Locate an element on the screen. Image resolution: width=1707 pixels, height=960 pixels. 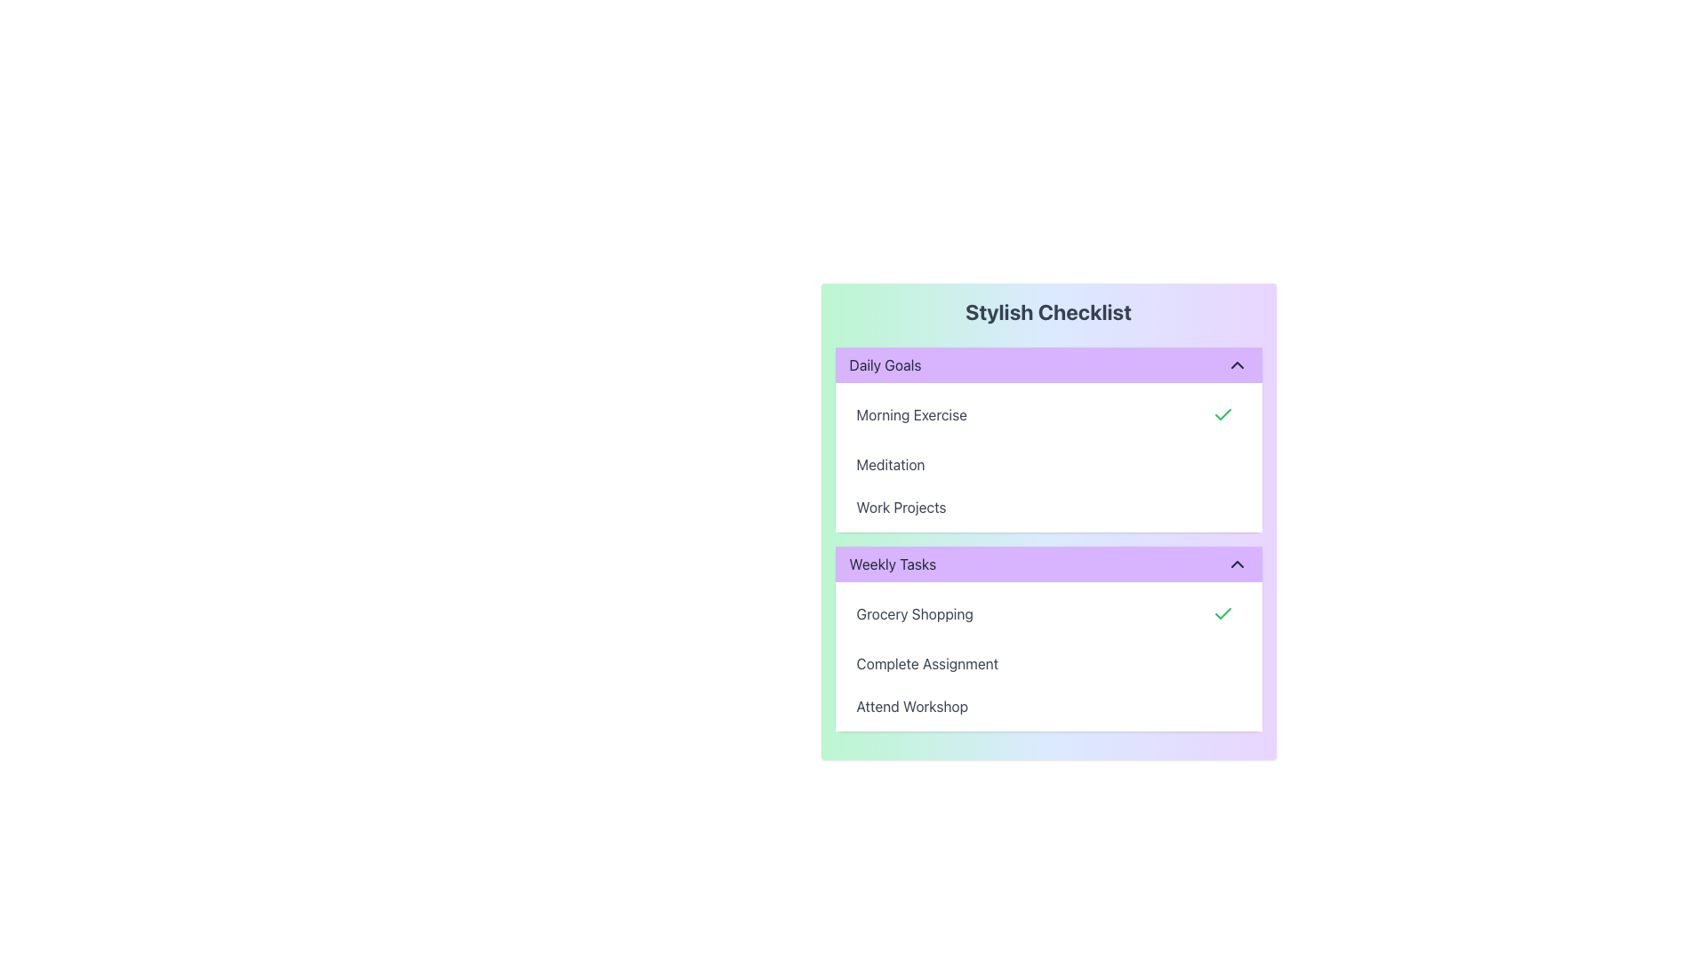
the header text that categorizes the checkbox list section, located at the top-left of the rectangular section and positioned left of the upward arrow icon is located at coordinates (885, 364).